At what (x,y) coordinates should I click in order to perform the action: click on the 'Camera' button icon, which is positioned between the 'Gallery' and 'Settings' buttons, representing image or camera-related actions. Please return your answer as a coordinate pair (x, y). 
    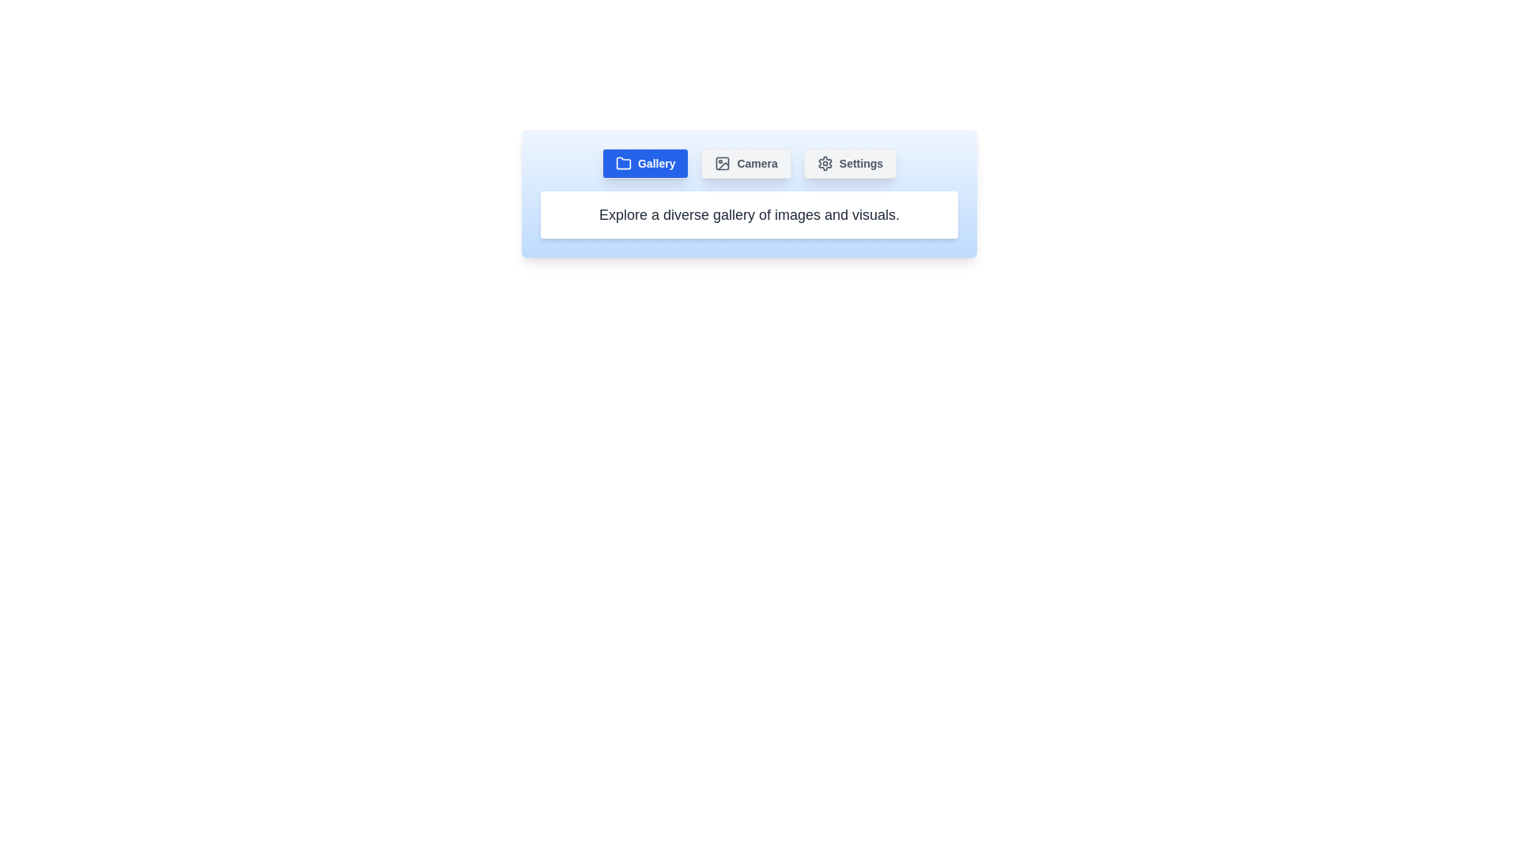
    Looking at the image, I should click on (722, 164).